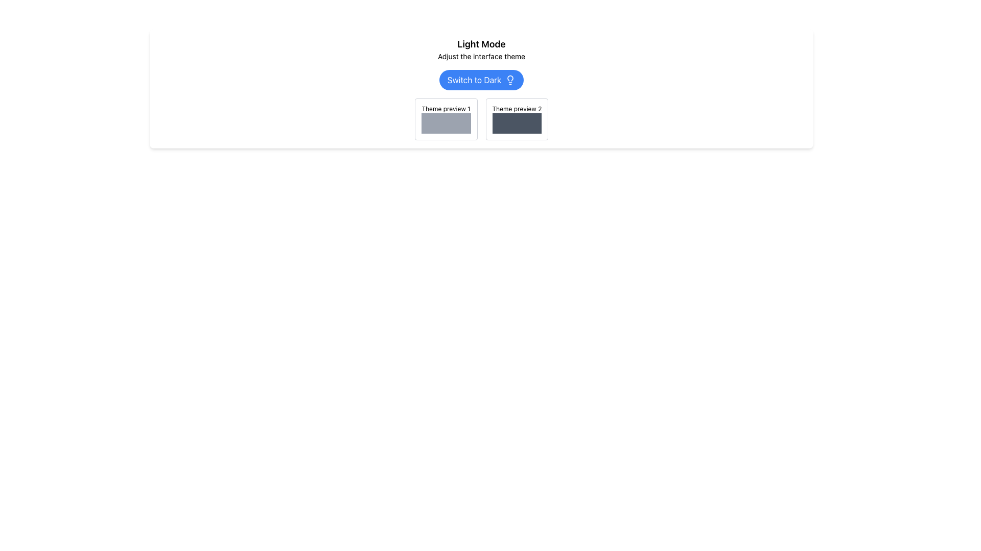 This screenshot has width=981, height=551. Describe the element at coordinates (481, 80) in the screenshot. I see `the button that toggles the interface theme to dark mode, located under the header 'Light Mode' with the subtext 'Adjust the interface theme'` at that location.